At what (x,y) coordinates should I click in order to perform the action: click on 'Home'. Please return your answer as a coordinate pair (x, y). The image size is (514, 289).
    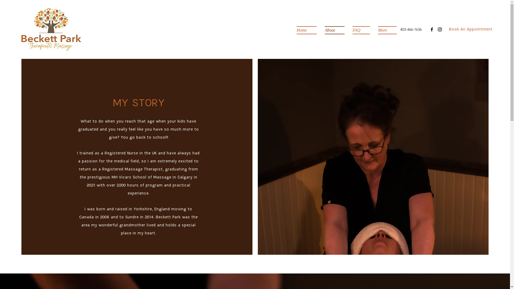
    Looking at the image, I should click on (308, 30).